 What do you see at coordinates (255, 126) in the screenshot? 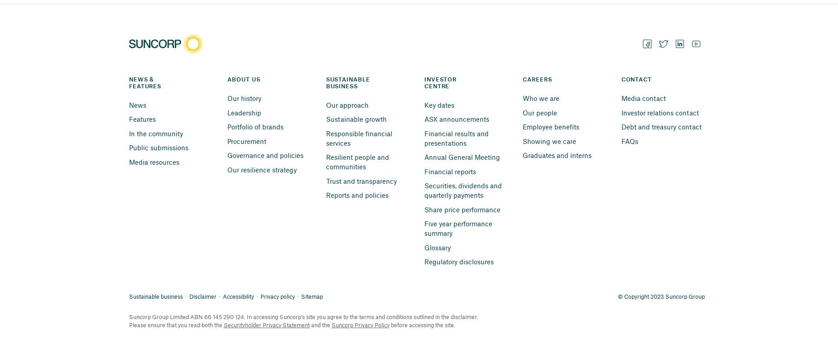
I see `'Portfolio of brands'` at bounding box center [255, 126].